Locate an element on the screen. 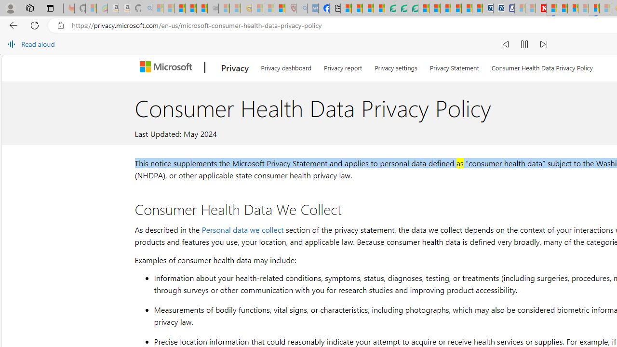 Image resolution: width=617 pixels, height=347 pixels. 'Read previous paragraph' is located at coordinates (505, 44).